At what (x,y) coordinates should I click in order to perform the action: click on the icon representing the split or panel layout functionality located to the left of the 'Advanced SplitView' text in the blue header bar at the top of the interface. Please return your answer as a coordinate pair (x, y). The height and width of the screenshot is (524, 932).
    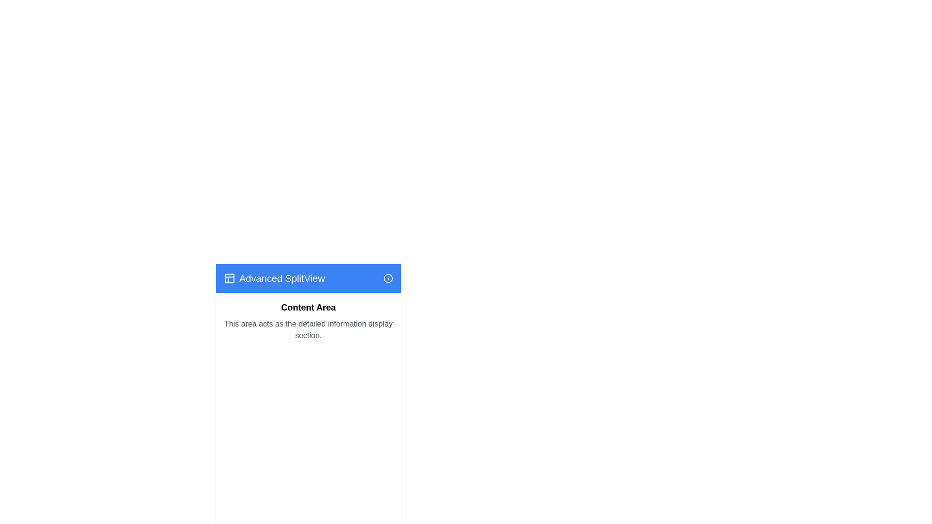
    Looking at the image, I should click on (229, 278).